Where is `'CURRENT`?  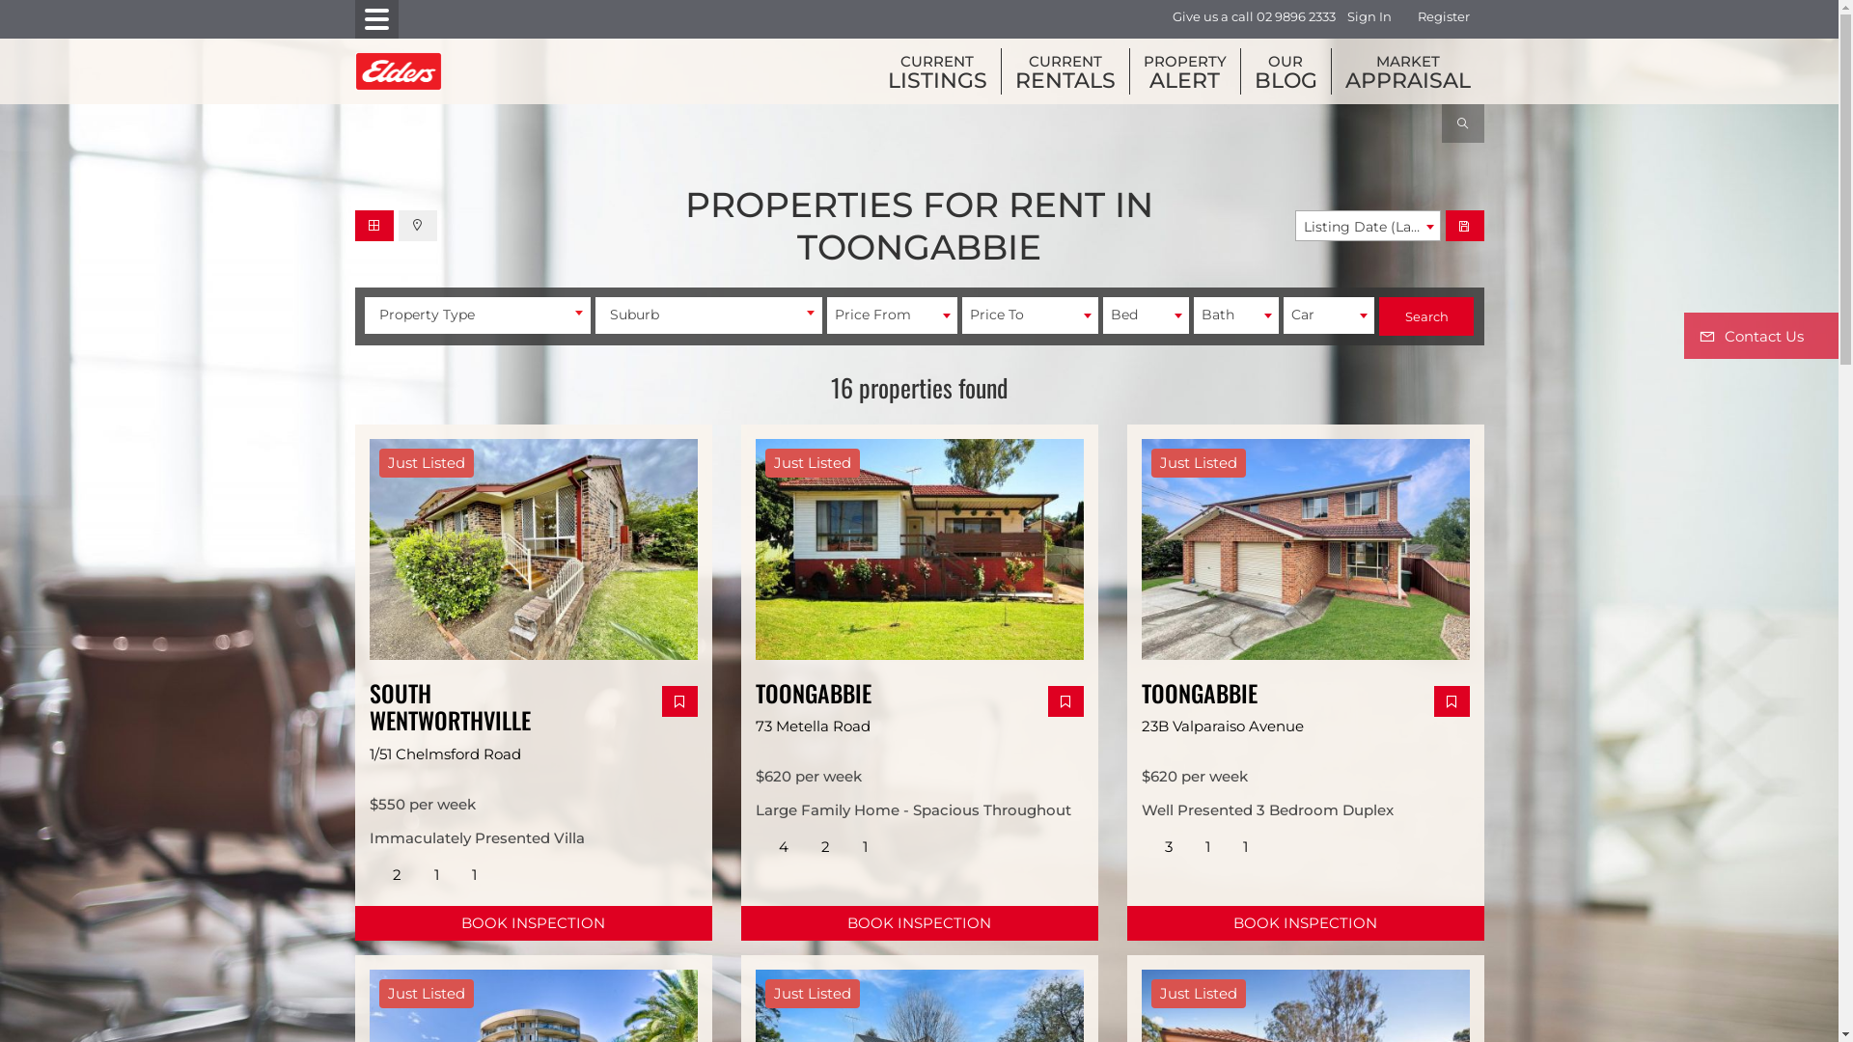 'CURRENT is located at coordinates (1001, 69).